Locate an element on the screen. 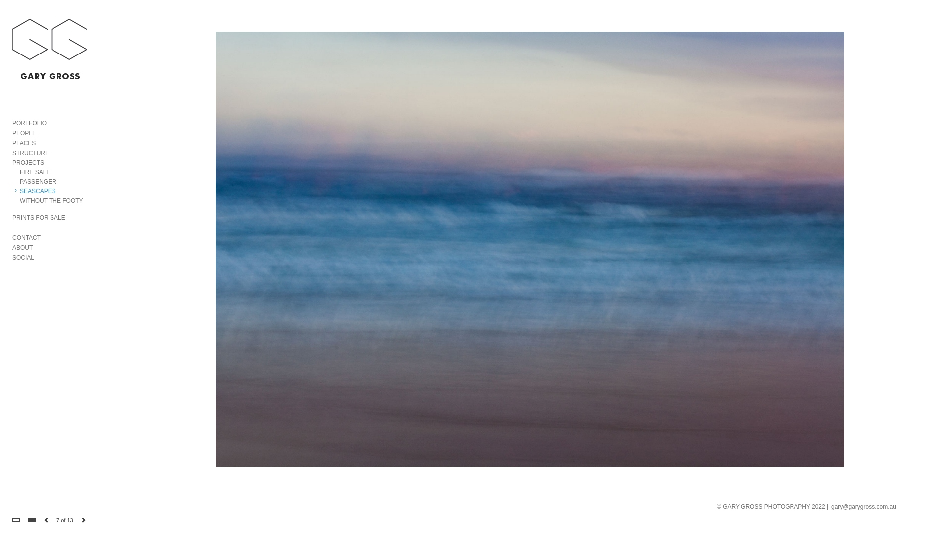  'STRUCTURE' is located at coordinates (31, 153).